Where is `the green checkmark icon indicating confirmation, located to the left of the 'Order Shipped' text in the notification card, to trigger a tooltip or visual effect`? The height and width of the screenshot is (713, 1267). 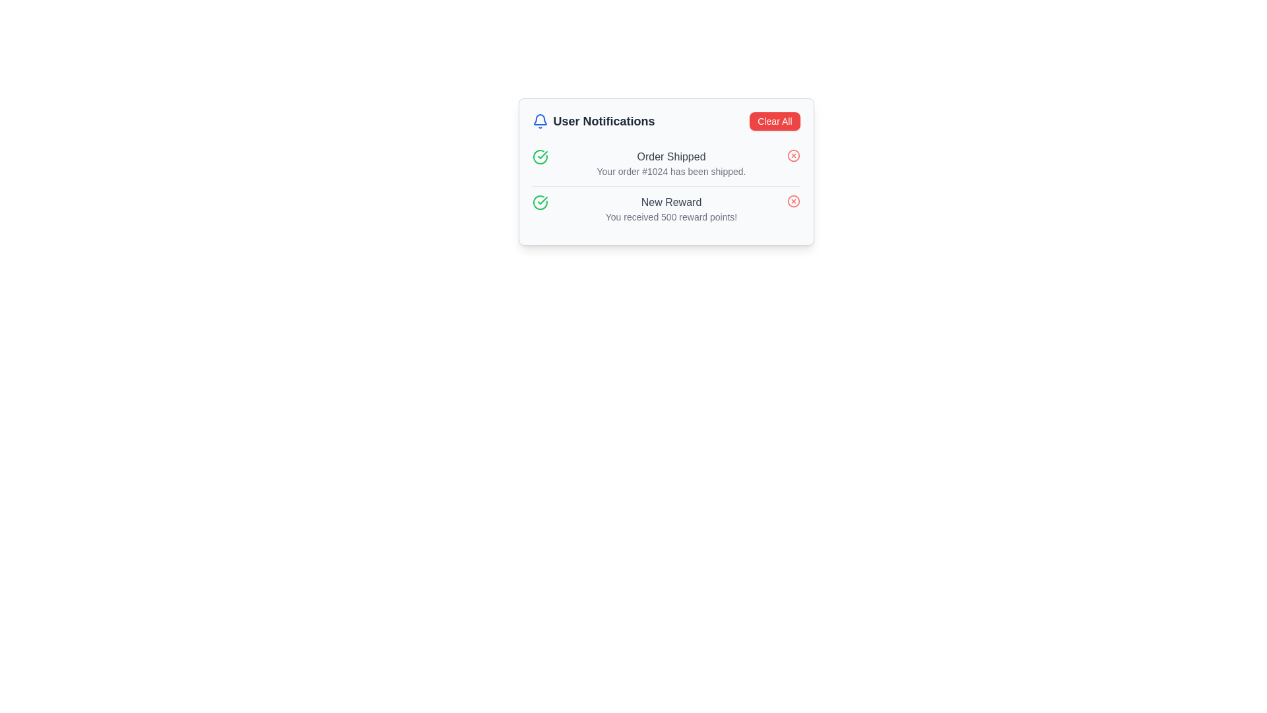
the green checkmark icon indicating confirmation, located to the left of the 'Order Shipped' text in the notification card, to trigger a tooltip or visual effect is located at coordinates (542, 201).